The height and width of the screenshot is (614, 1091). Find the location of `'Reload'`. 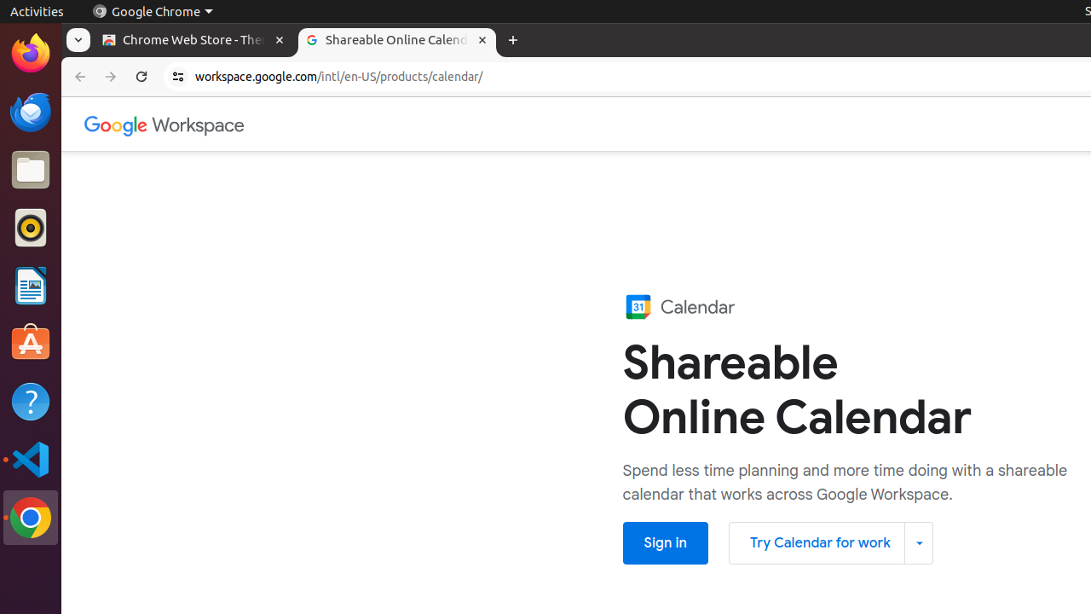

'Reload' is located at coordinates (141, 77).